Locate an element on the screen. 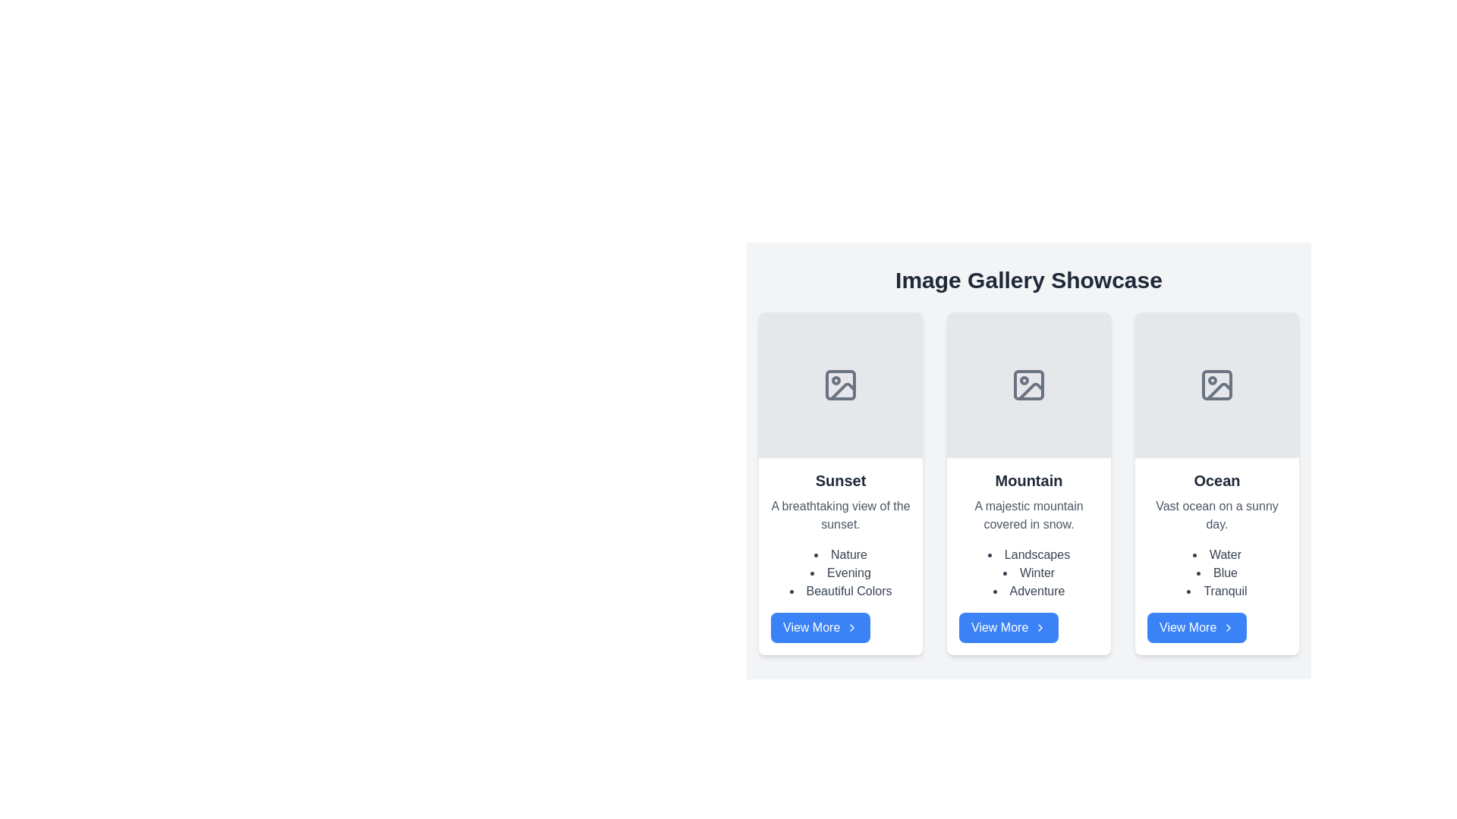 This screenshot has height=819, width=1457. the Information card about the mountain, which is the second card in a row of three under the 'Image Gallery Showcase' heading is located at coordinates (1029, 556).